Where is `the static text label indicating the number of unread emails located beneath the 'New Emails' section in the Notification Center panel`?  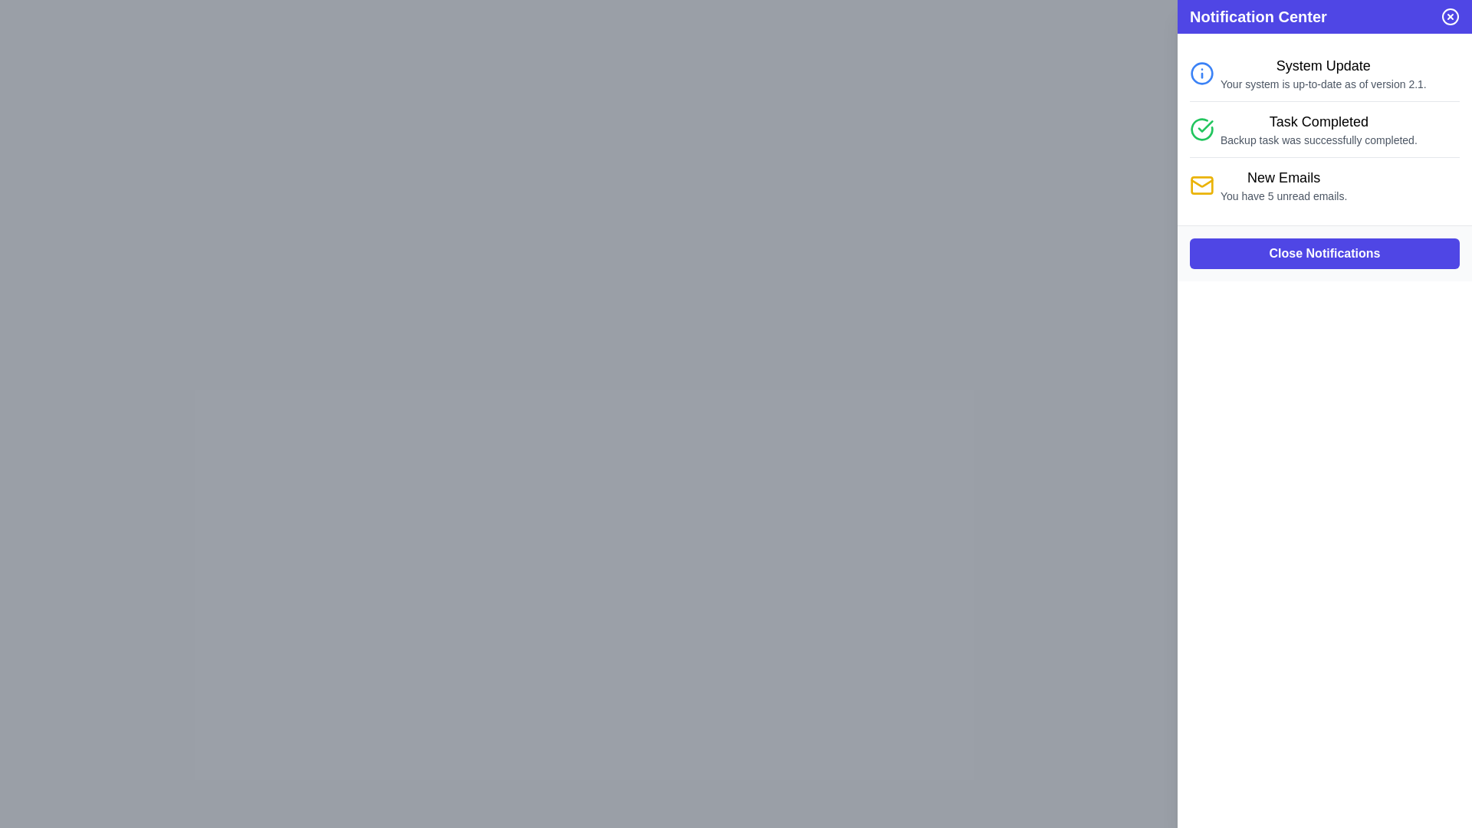 the static text label indicating the number of unread emails located beneath the 'New Emails' section in the Notification Center panel is located at coordinates (1283, 195).